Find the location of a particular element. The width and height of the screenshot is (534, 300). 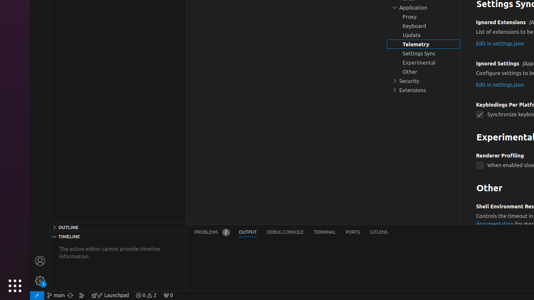

'Application, group' is located at coordinates (423, 7).